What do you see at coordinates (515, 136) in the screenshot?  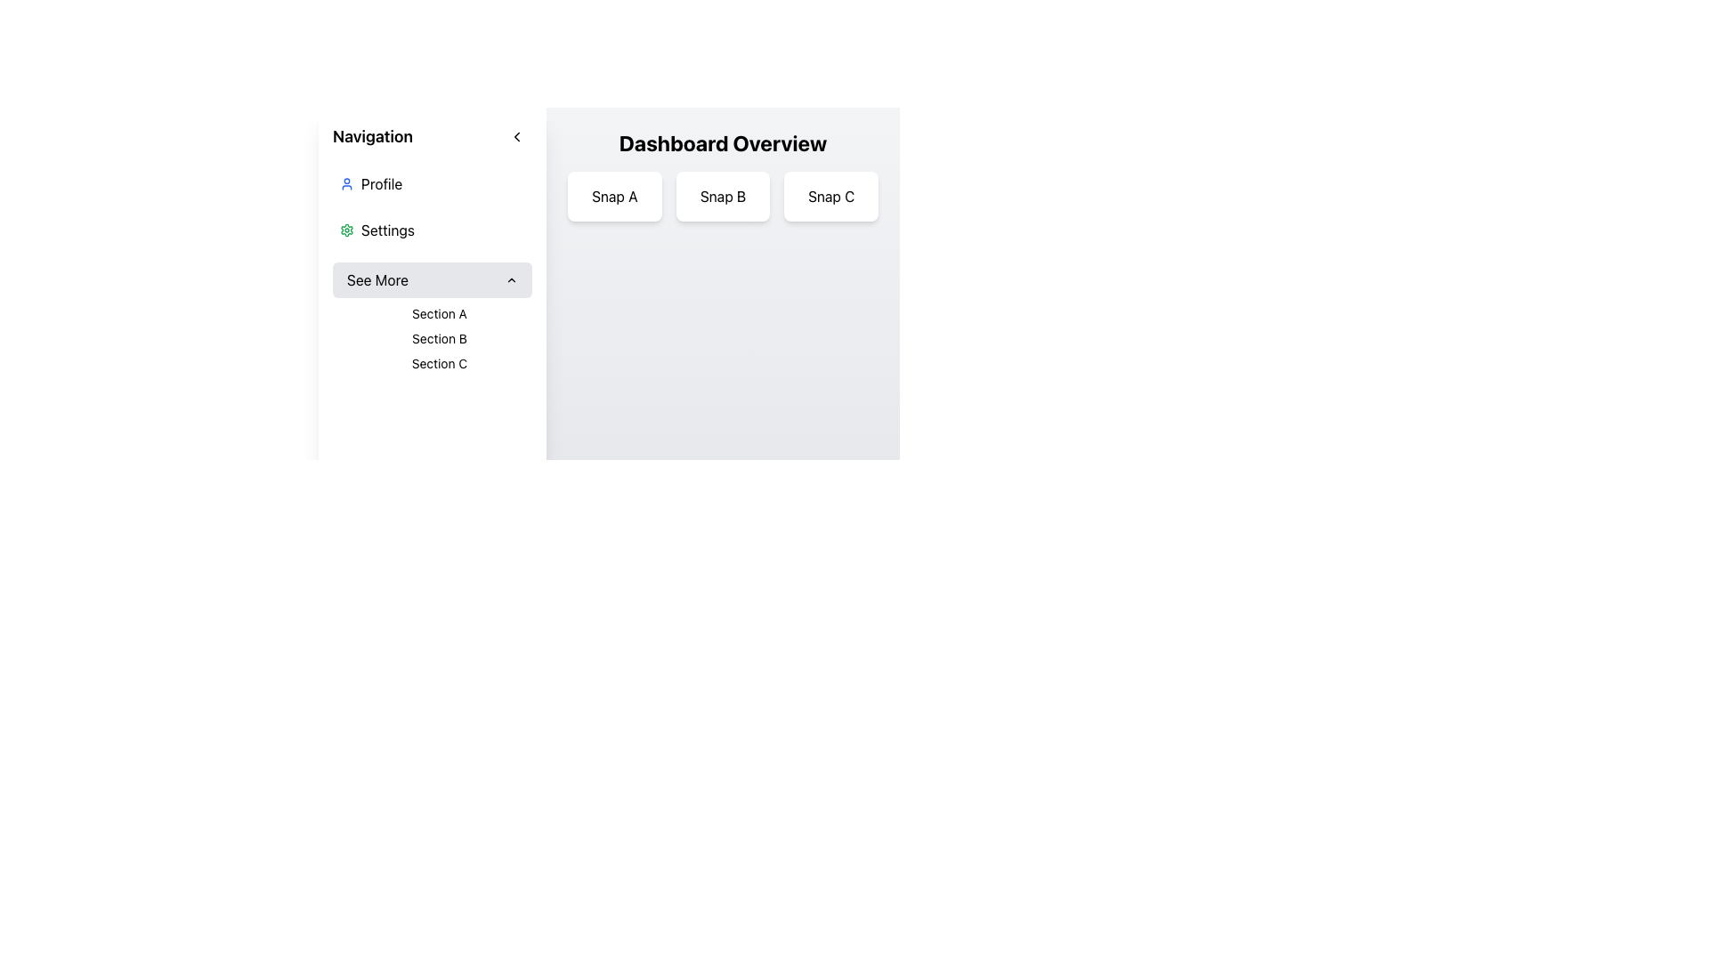 I see `the circular button with a left-pointing arrow icon located in the upper-right section of the navigation header, adjacent to the title 'Navigation'` at bounding box center [515, 136].